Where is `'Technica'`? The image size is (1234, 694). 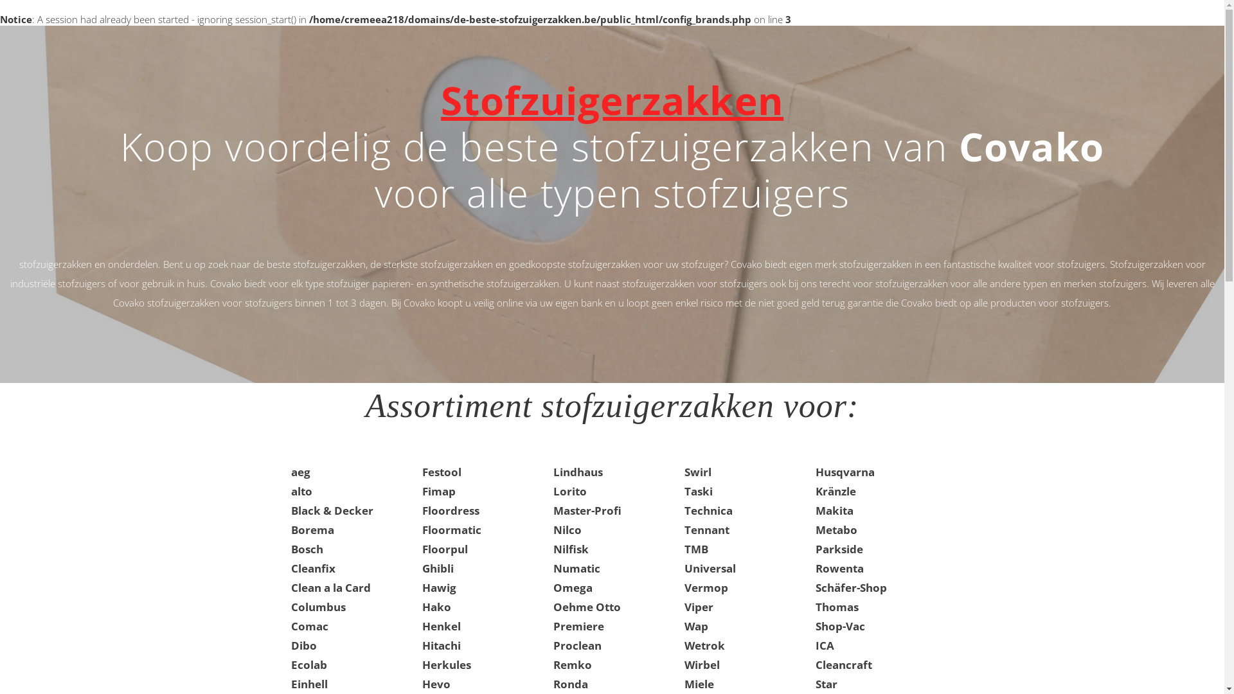 'Technica' is located at coordinates (707, 510).